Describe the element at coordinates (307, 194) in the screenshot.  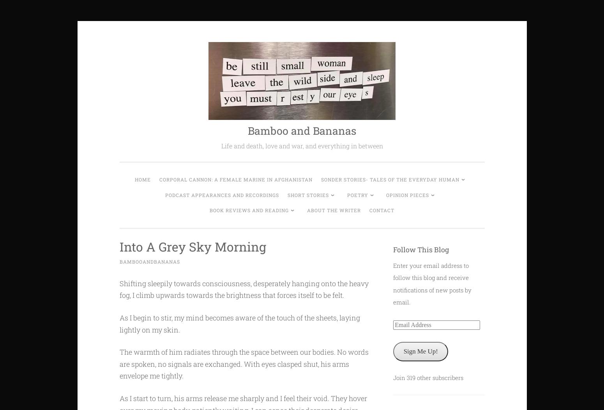
I see `'Short Stories'` at that location.